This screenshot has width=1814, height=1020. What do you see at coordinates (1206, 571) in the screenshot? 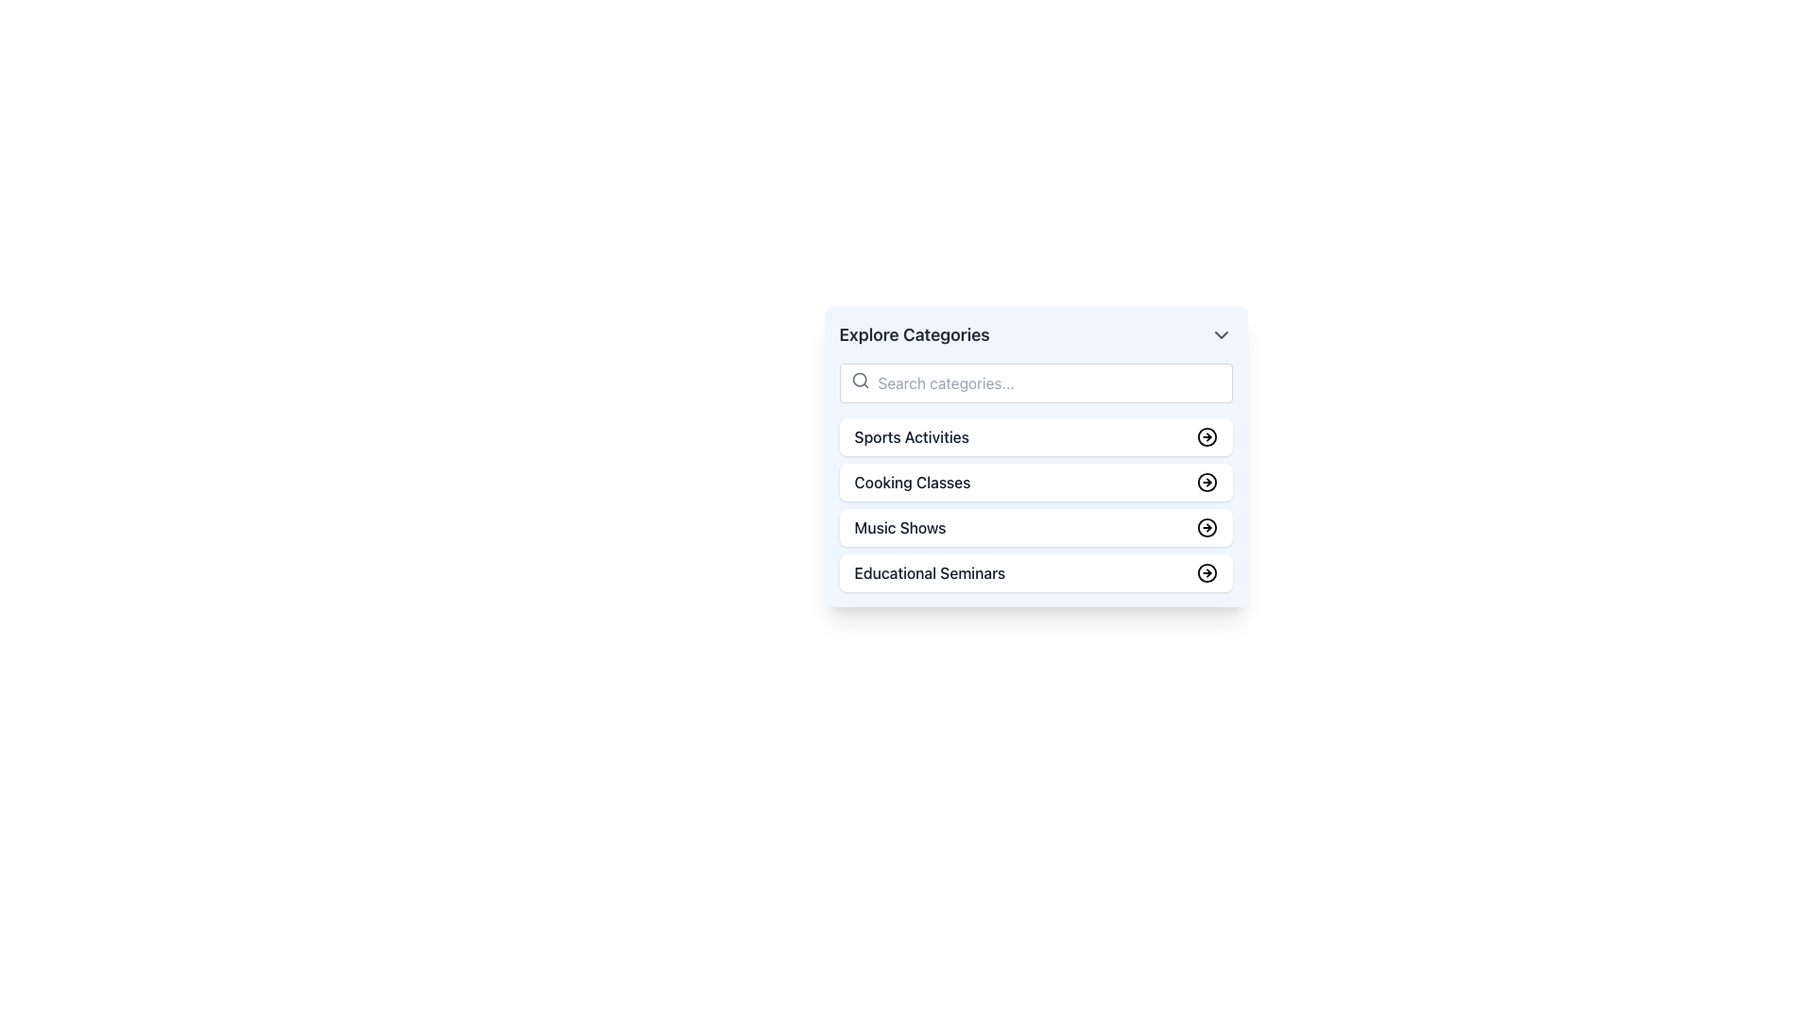
I see `the button element resembling a rightward arrow enclosed within a circle, located to the right of the 'Educational Seminars' label in the 'Explore Categories' list for accessibility navigation` at bounding box center [1206, 571].